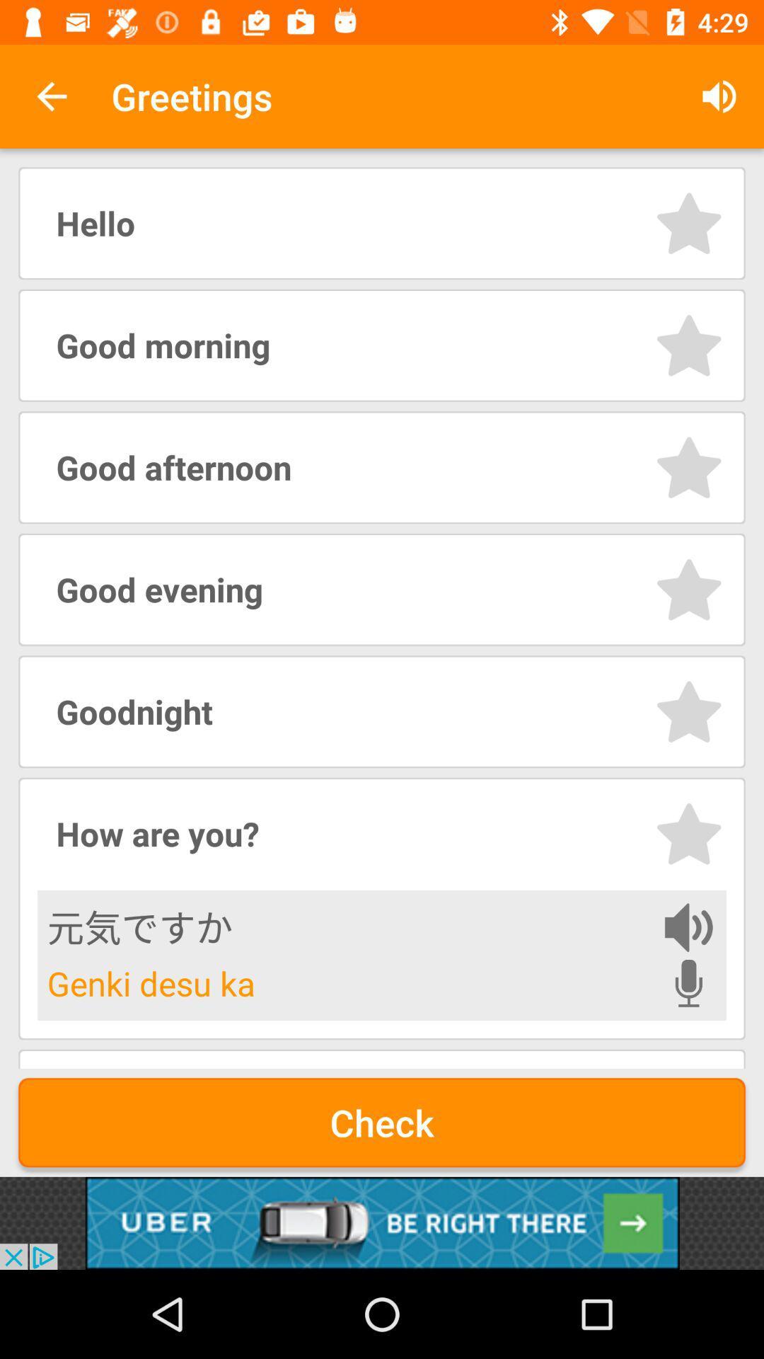 The image size is (764, 1359). Describe the element at coordinates (688, 222) in the screenshot. I see `make favorite` at that location.